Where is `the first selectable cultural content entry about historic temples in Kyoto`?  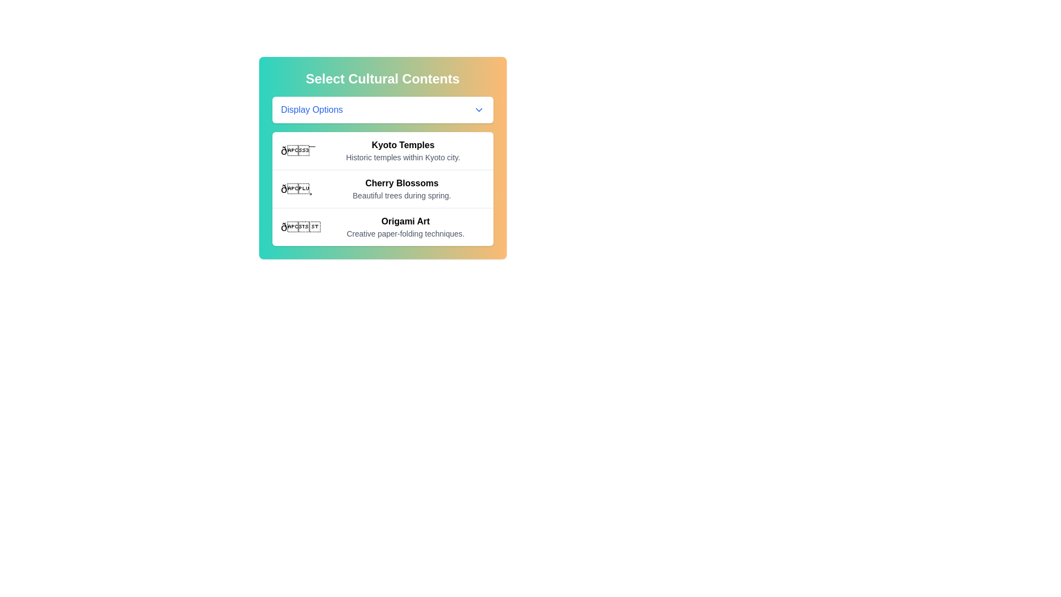
the first selectable cultural content entry about historic temples in Kyoto is located at coordinates (382, 151).